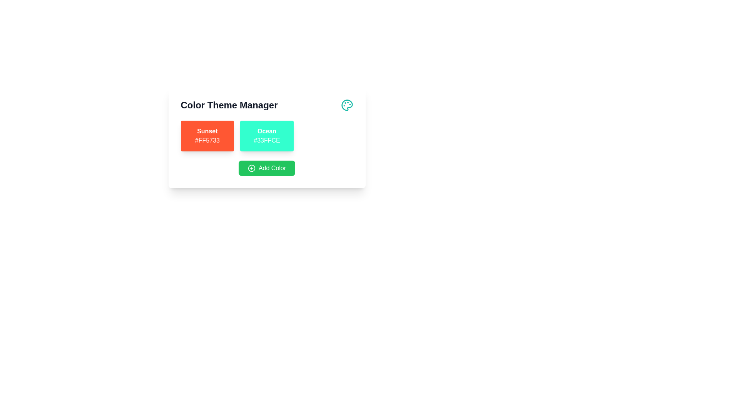 Image resolution: width=739 pixels, height=415 pixels. Describe the element at coordinates (267, 131) in the screenshot. I see `the bold, white text label displaying 'Ocean' that is centered at the top of the turquoise card within the 'Color Theme Manager'` at that location.